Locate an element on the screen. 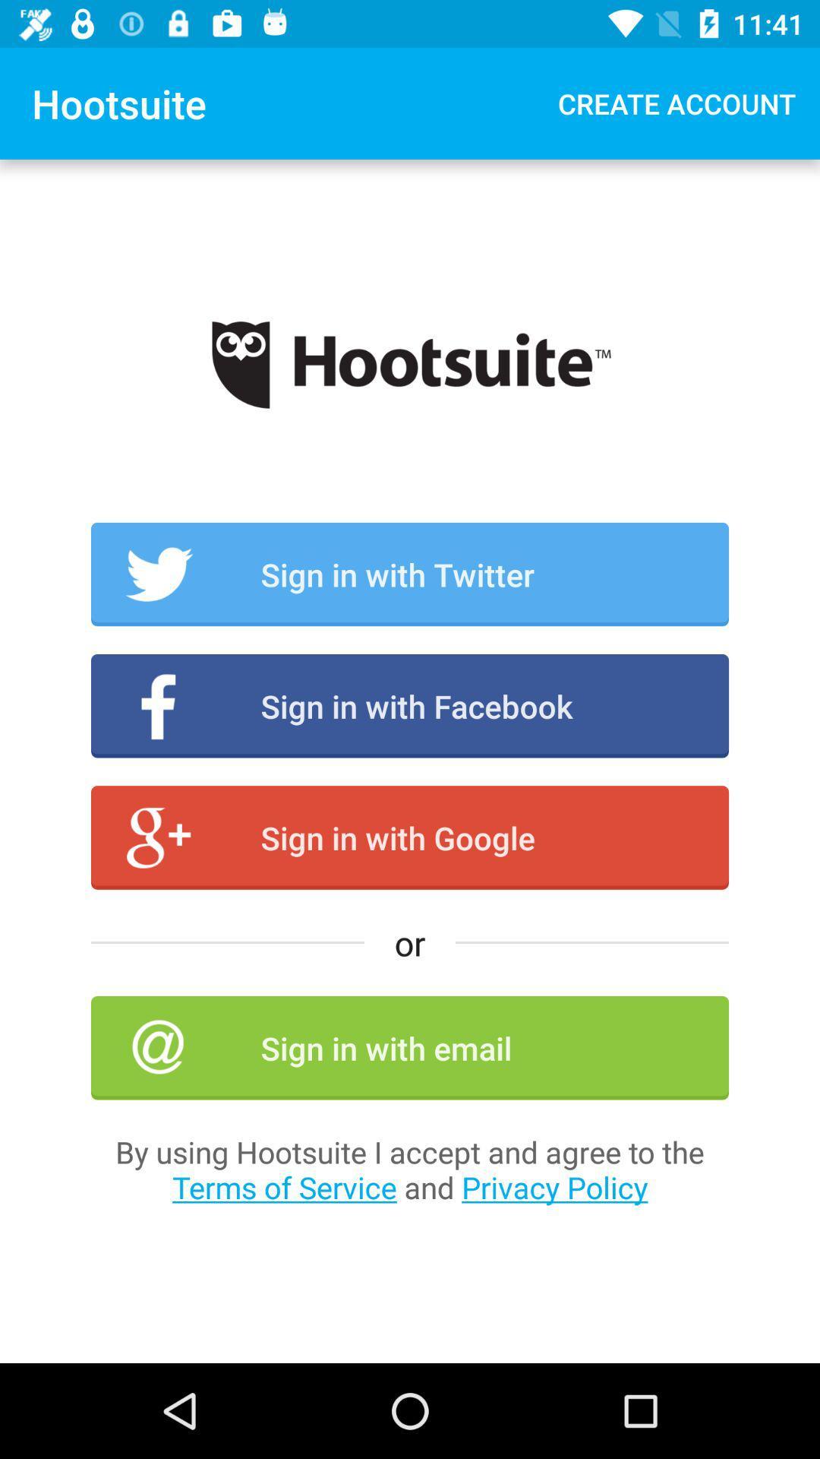  the item at the top right corner is located at coordinates (676, 103).